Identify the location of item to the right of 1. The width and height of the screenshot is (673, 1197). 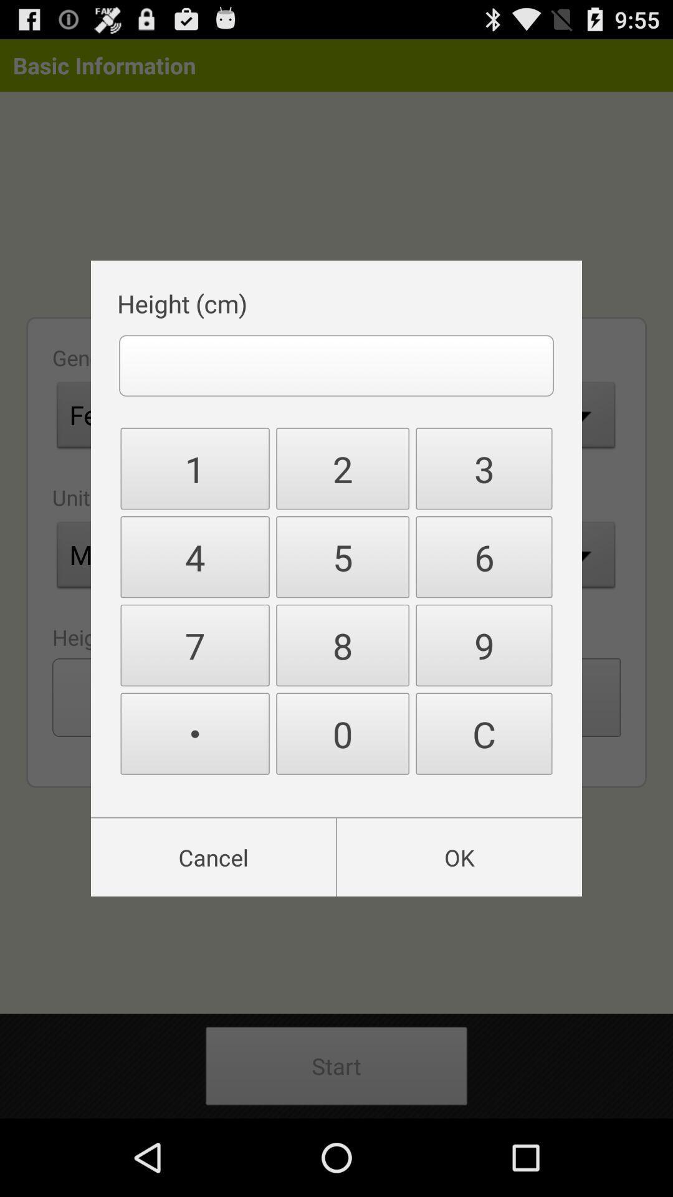
(343, 556).